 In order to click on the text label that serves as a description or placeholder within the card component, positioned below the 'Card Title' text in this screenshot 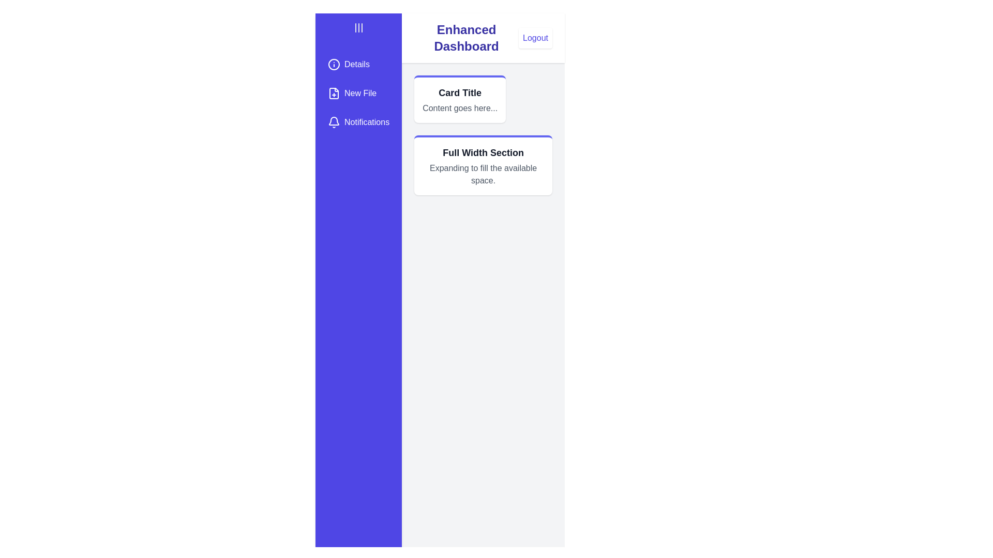, I will do `click(459, 108)`.